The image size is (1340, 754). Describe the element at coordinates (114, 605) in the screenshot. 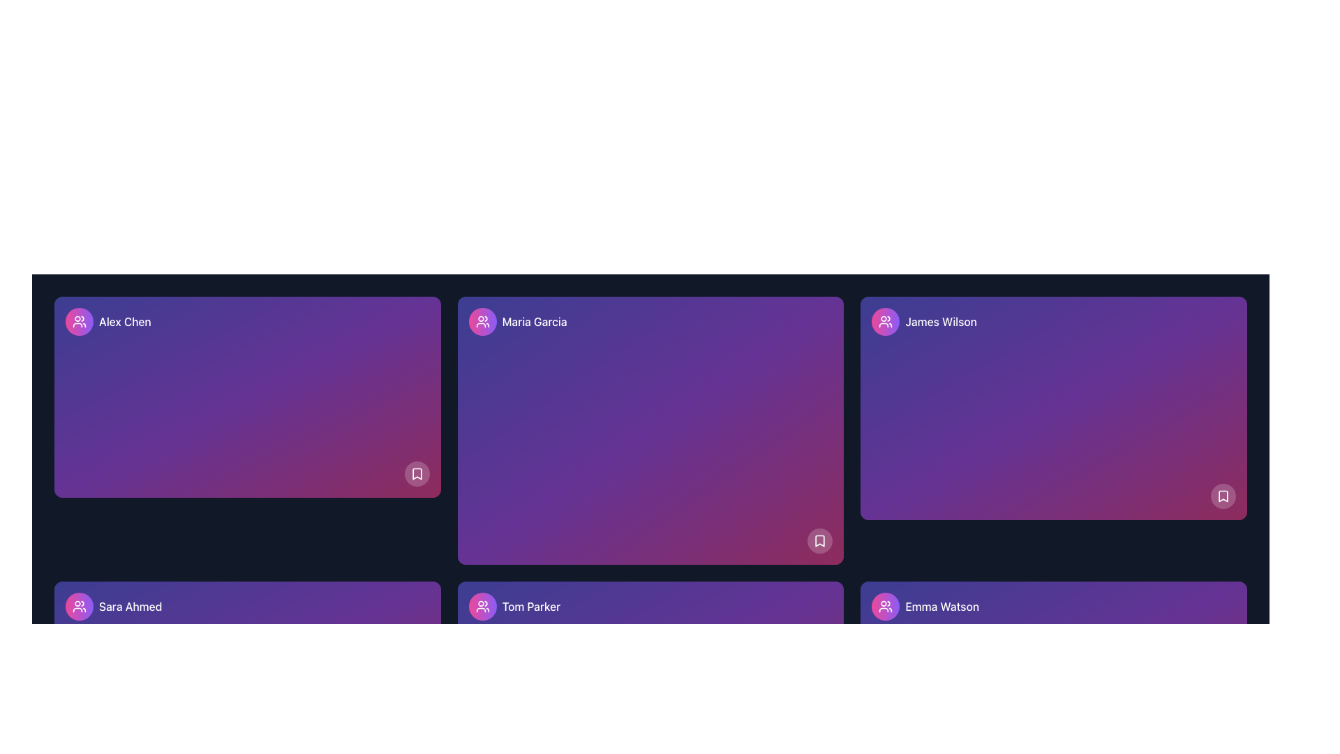

I see `the user name 'Sara Ahmed' text element, which is displayed in light text on a purple gradient background` at that location.